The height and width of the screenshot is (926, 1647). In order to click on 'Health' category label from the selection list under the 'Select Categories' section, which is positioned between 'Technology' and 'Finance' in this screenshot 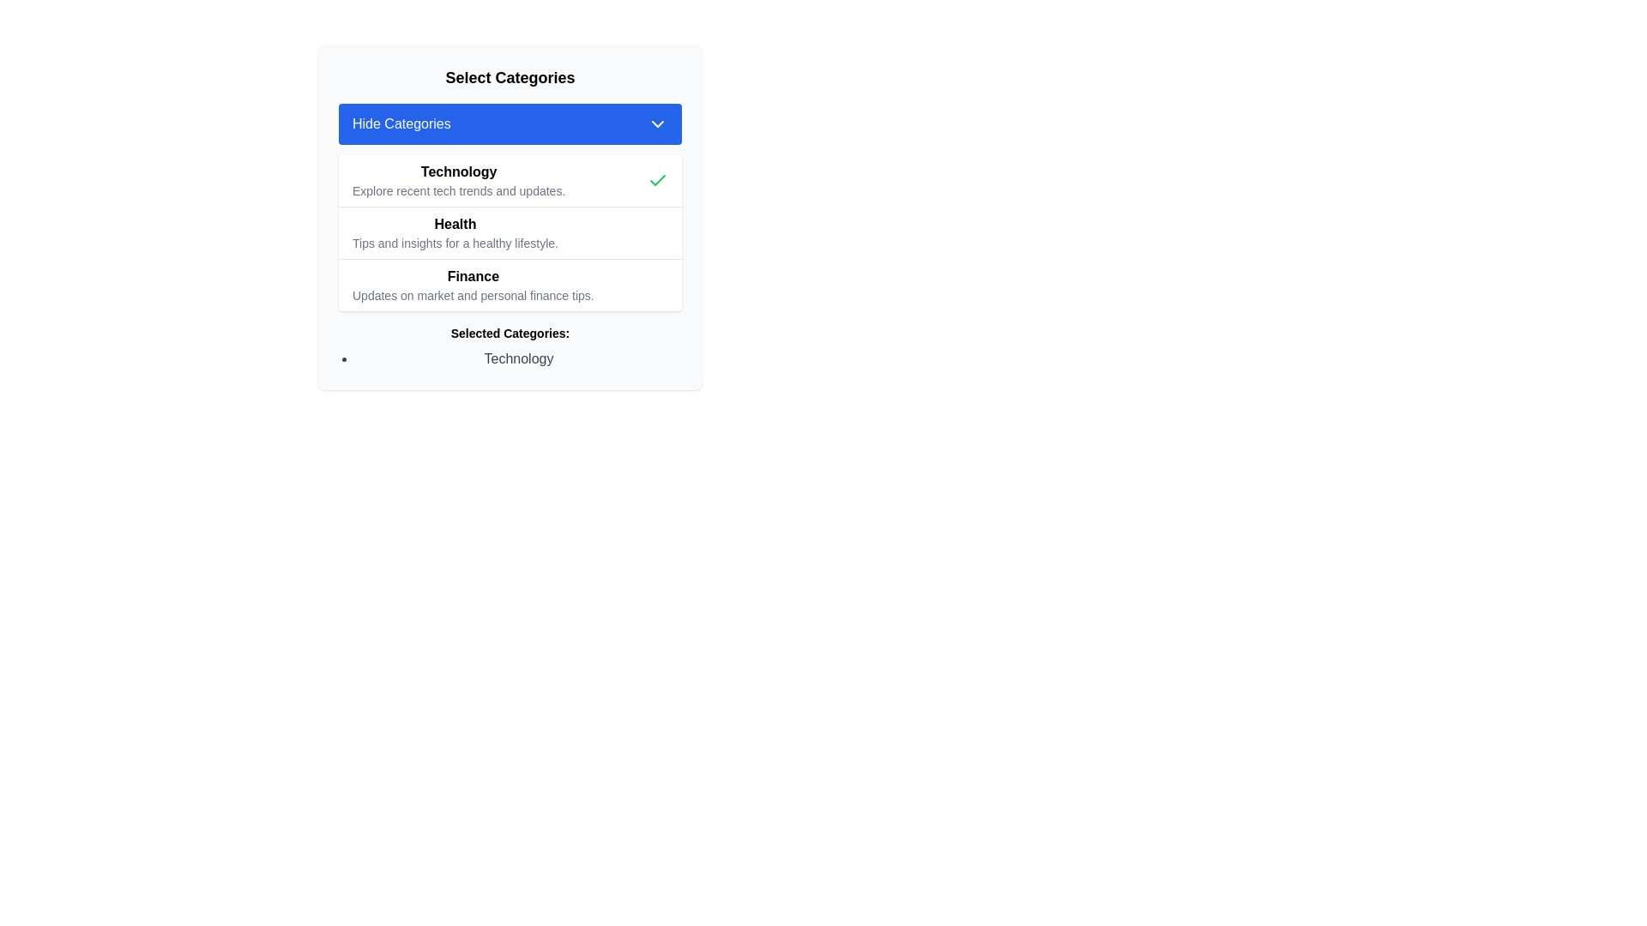, I will do `click(455, 224)`.